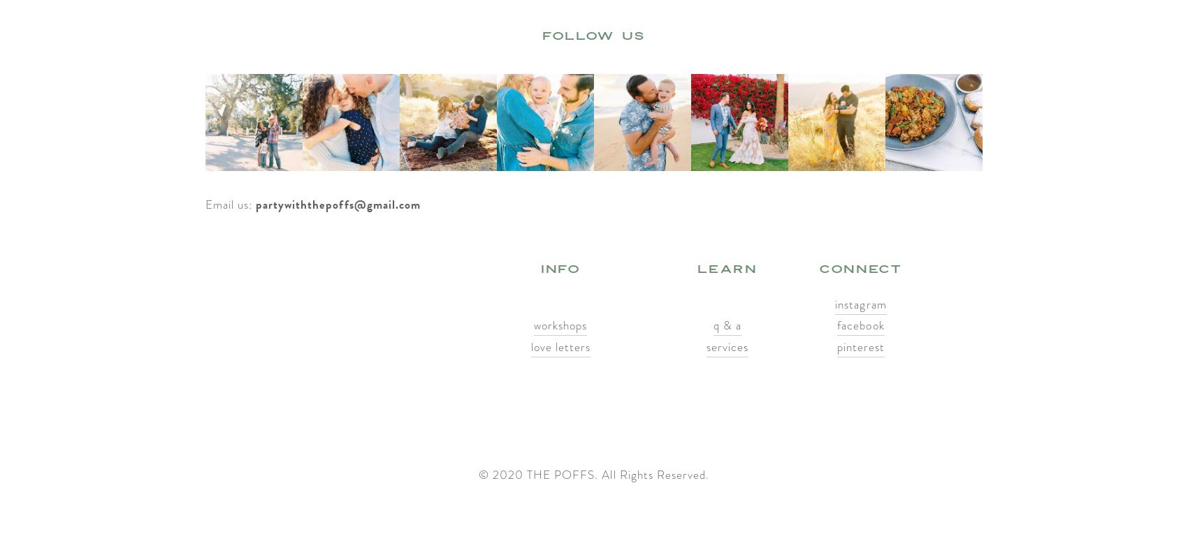  I want to click on 'partywiththepoffs@gmail.com', so click(338, 203).